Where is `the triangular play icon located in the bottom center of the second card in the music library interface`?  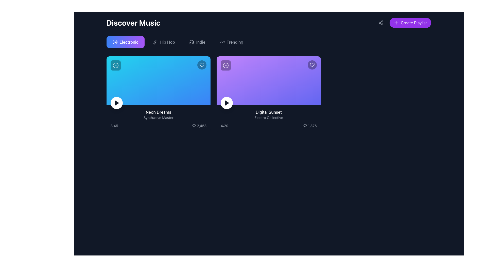 the triangular play icon located in the bottom center of the second card in the music library interface is located at coordinates (227, 103).